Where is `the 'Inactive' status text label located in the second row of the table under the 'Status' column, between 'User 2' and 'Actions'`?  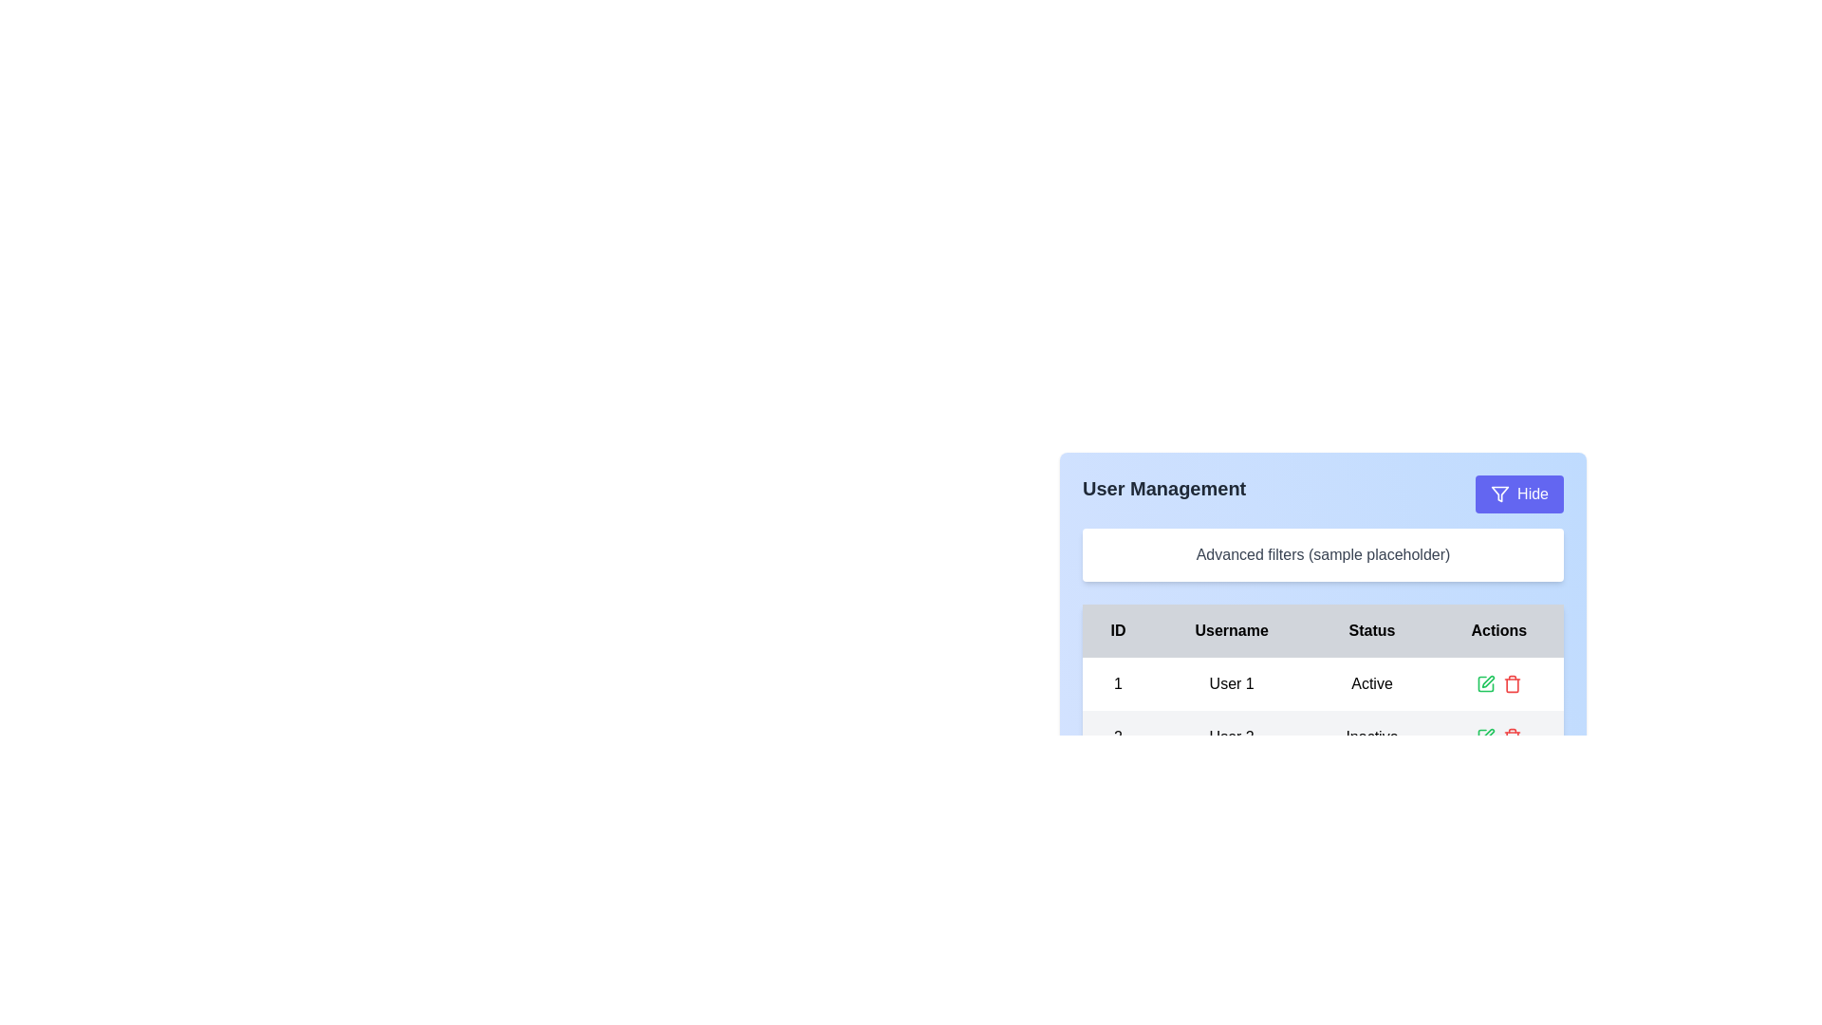 the 'Inactive' status text label located in the second row of the table under the 'Status' column, between 'User 2' and 'Actions' is located at coordinates (1371, 736).